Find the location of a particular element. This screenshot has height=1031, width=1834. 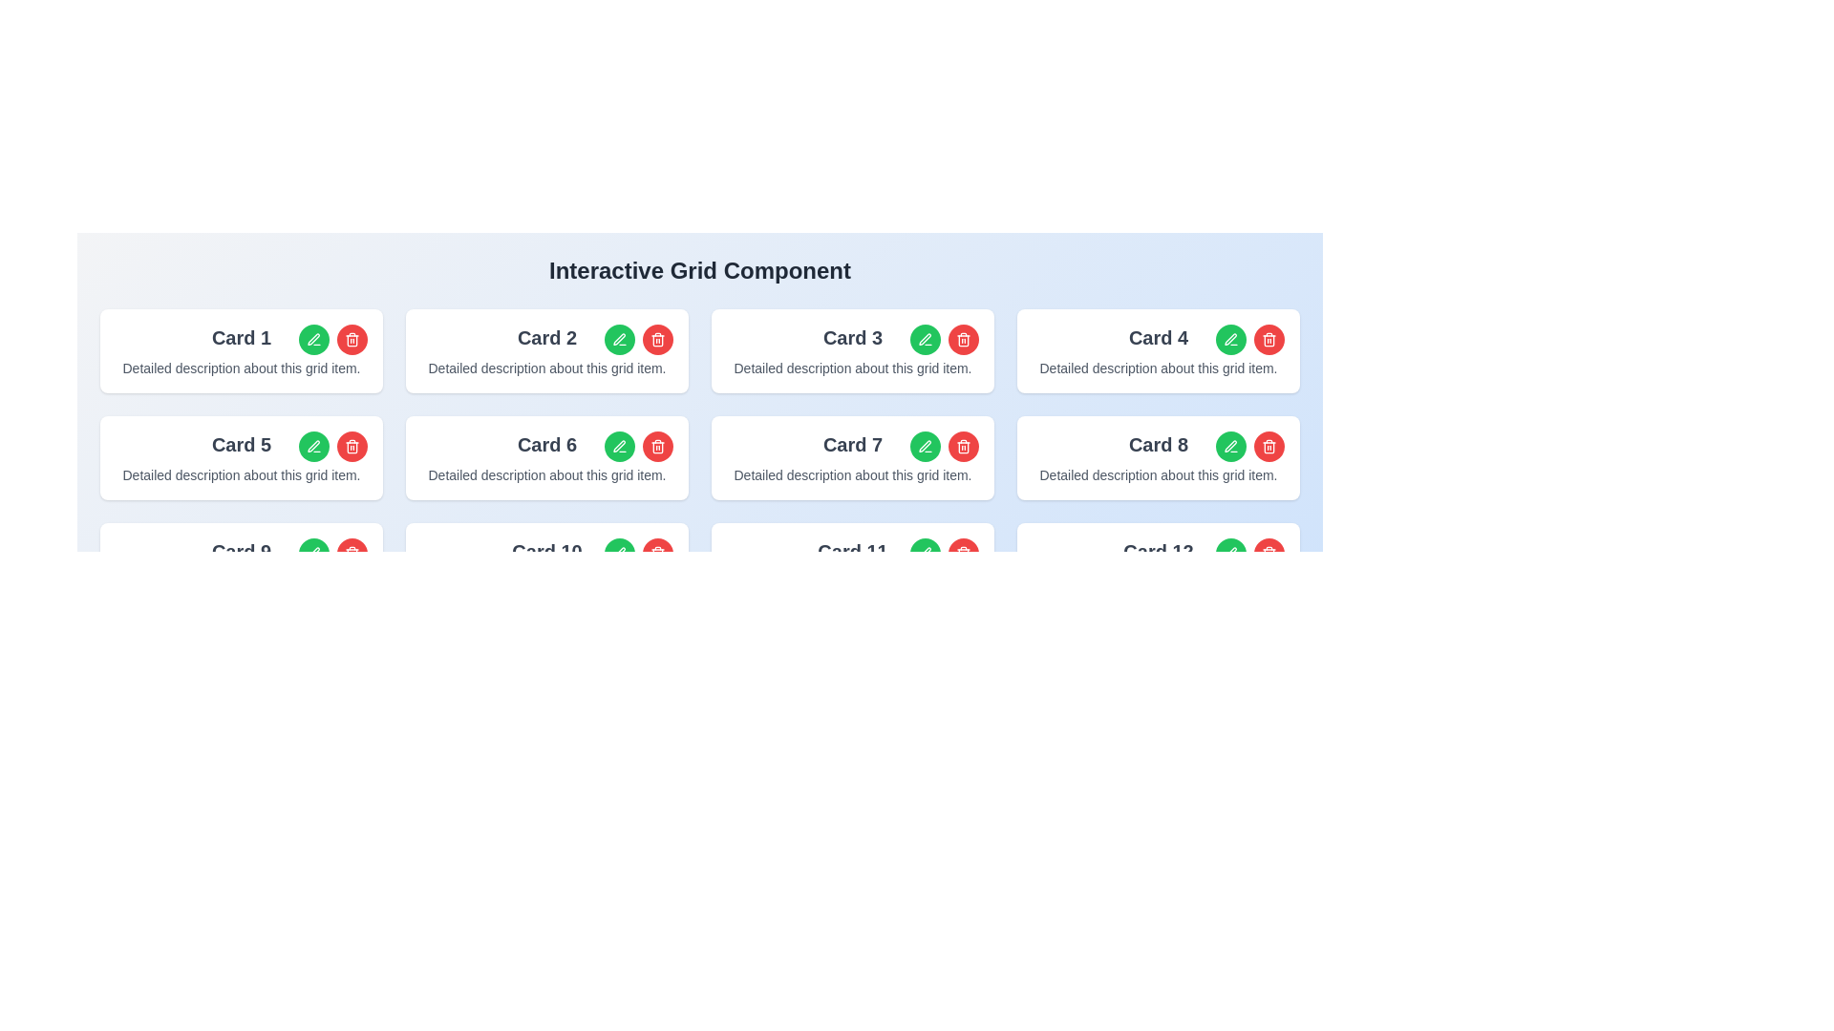

the delete icon button located at the top-right corner of 'Card 9' is located at coordinates (352, 553).